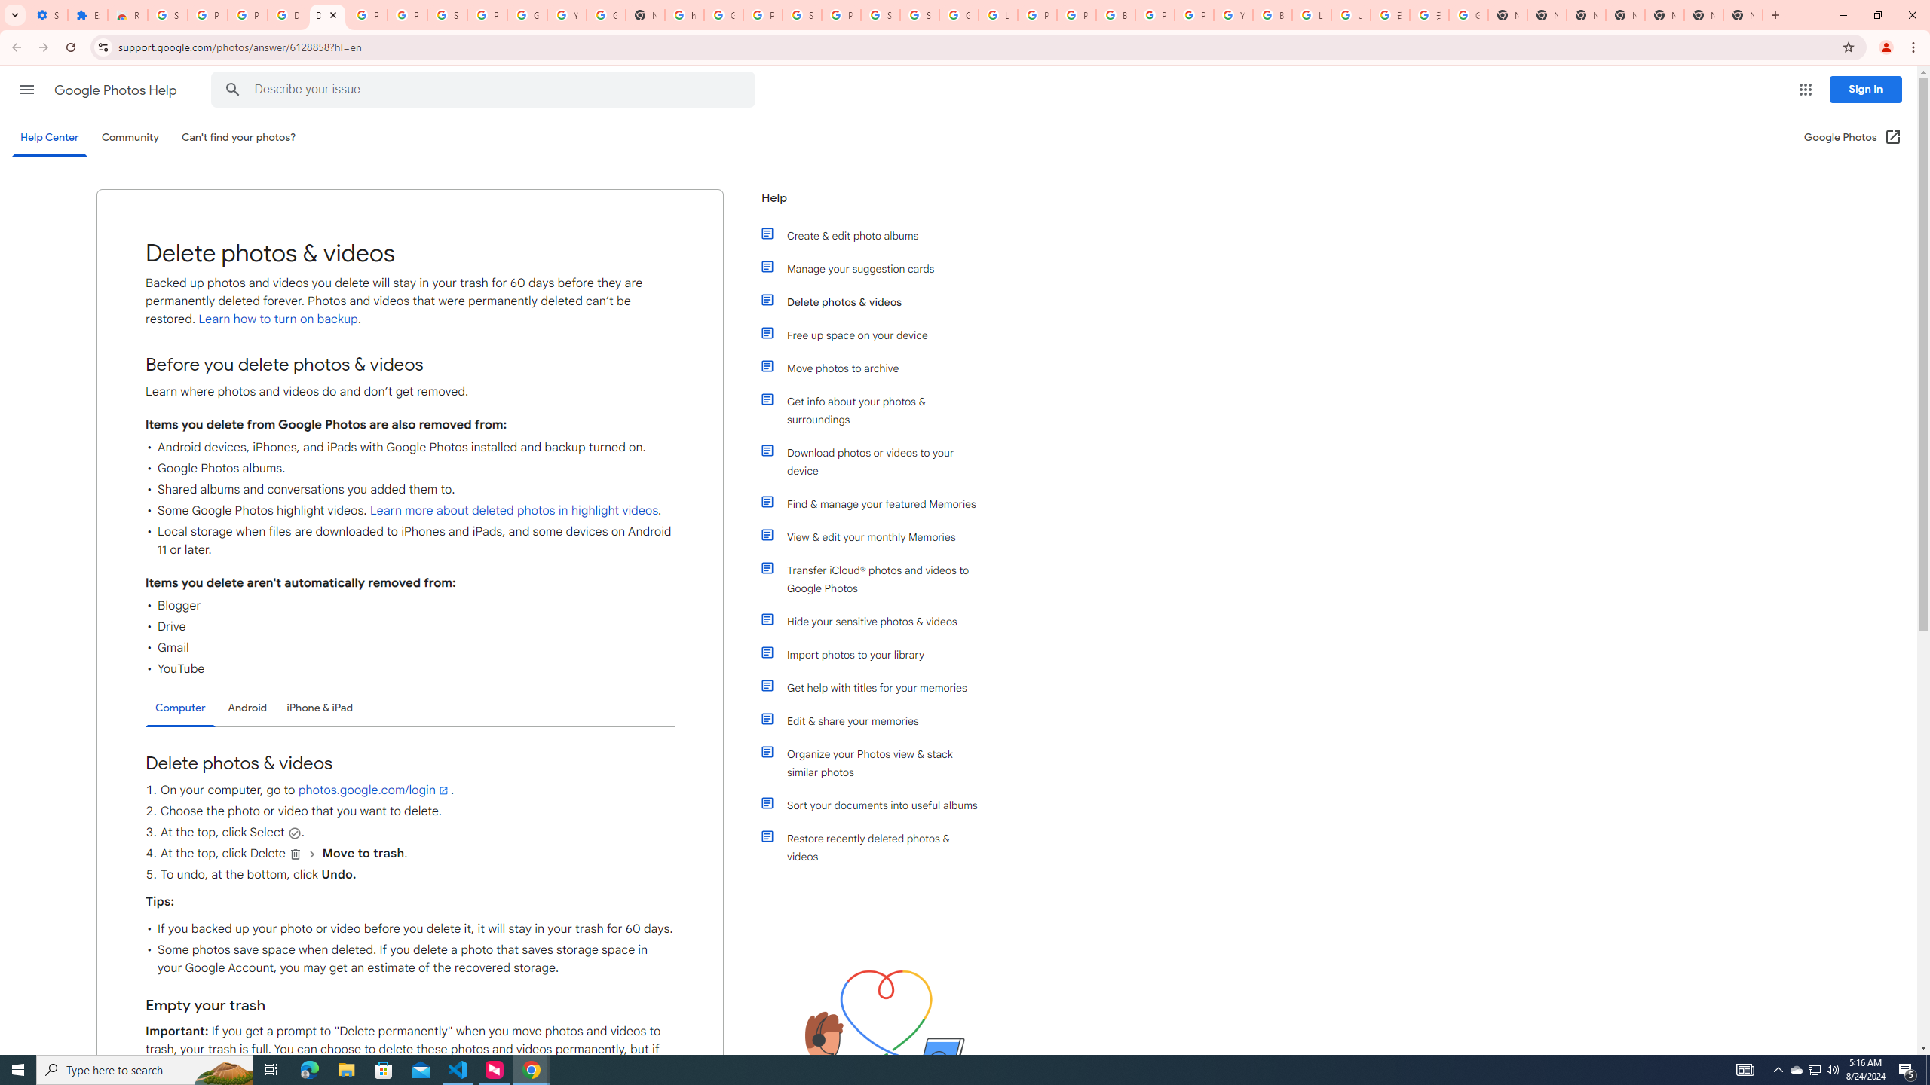  I want to click on 'iPhone & iPad', so click(319, 707).